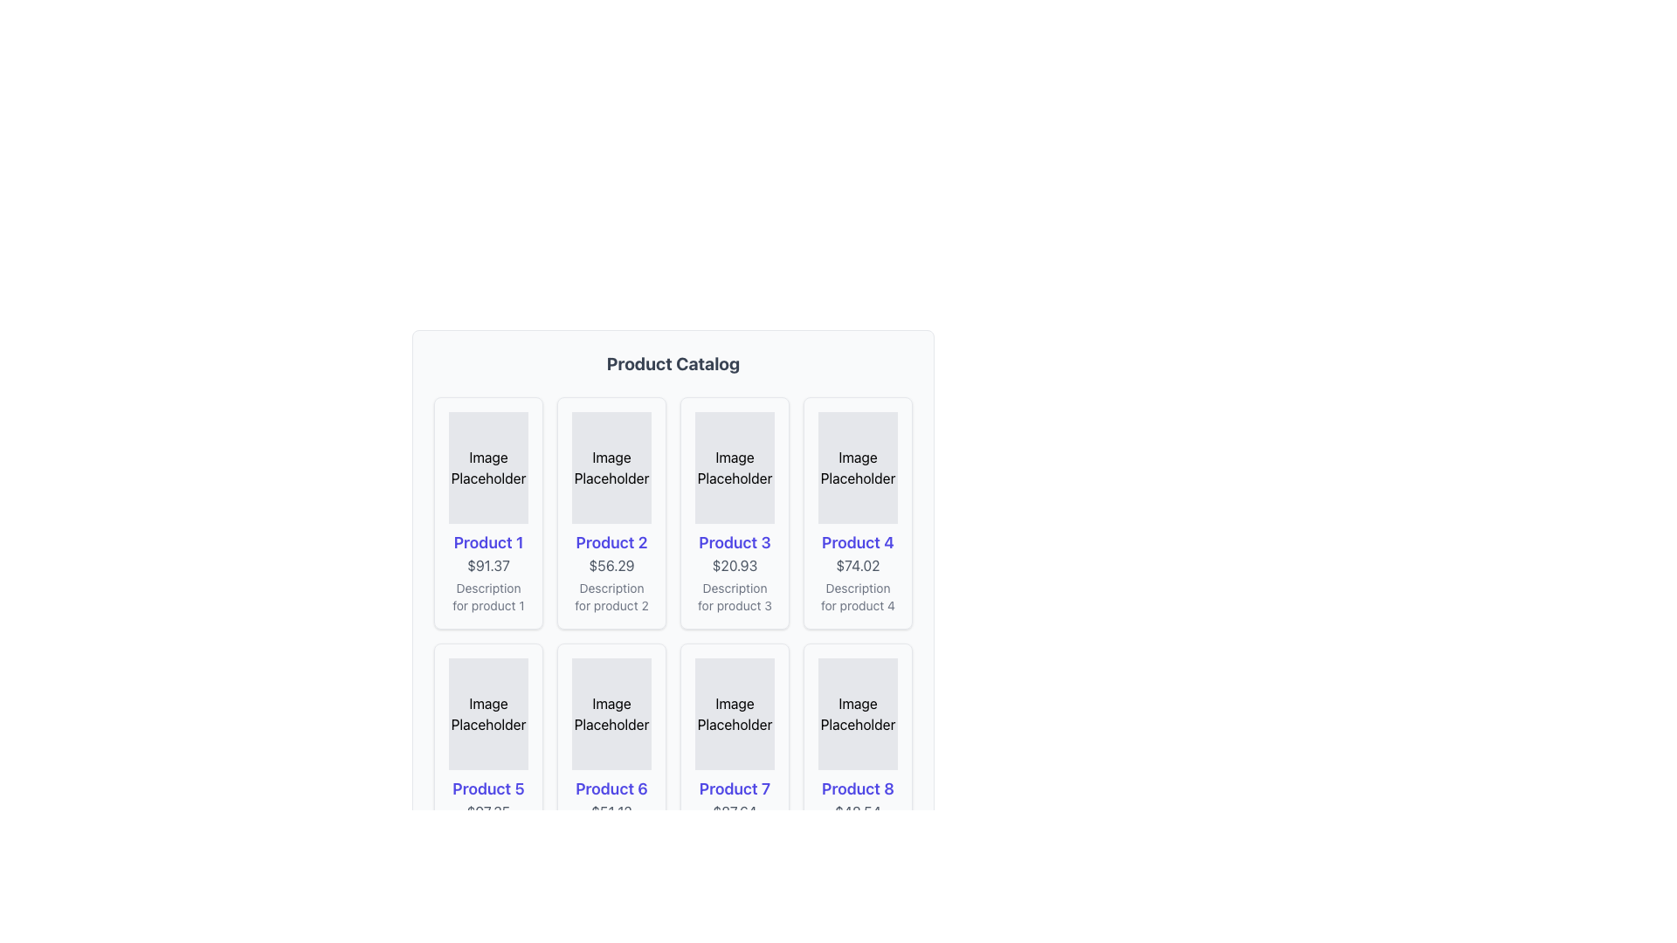  Describe the element at coordinates (735, 788) in the screenshot. I see `the text label for 'Product 7'` at that location.